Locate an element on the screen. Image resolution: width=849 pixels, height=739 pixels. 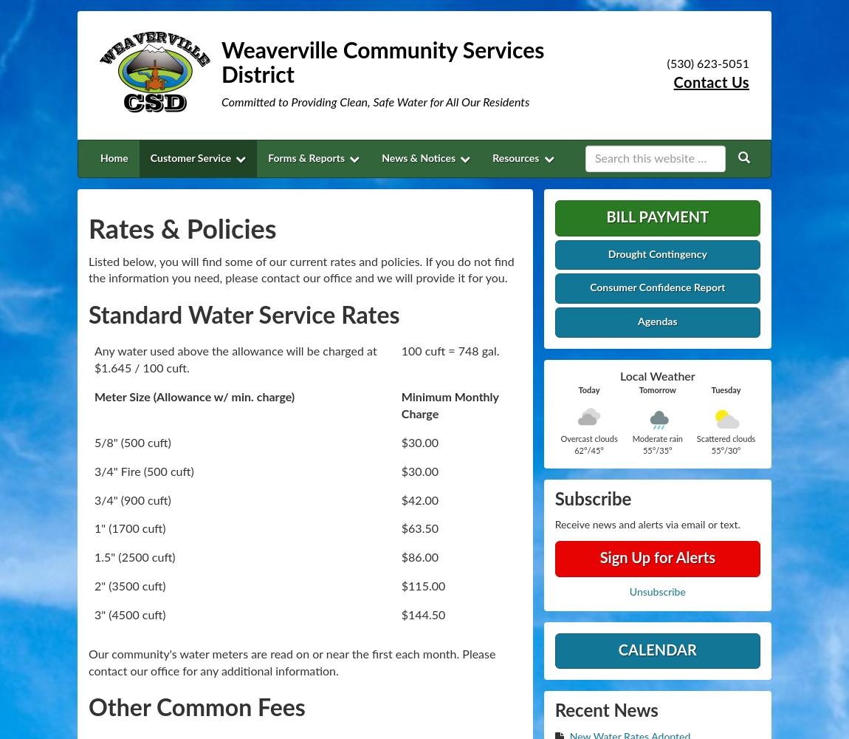
'$42.00' is located at coordinates (419, 500).